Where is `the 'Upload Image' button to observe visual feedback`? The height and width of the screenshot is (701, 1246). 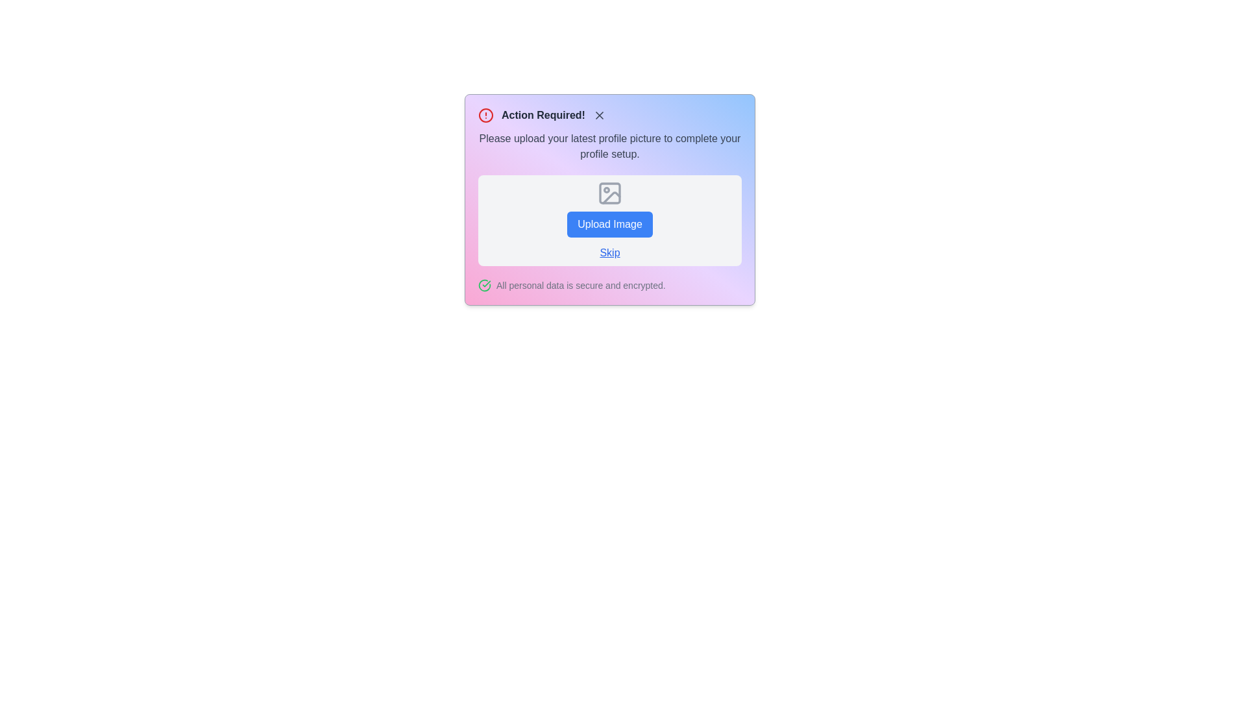 the 'Upload Image' button to observe visual feedback is located at coordinates (609, 224).